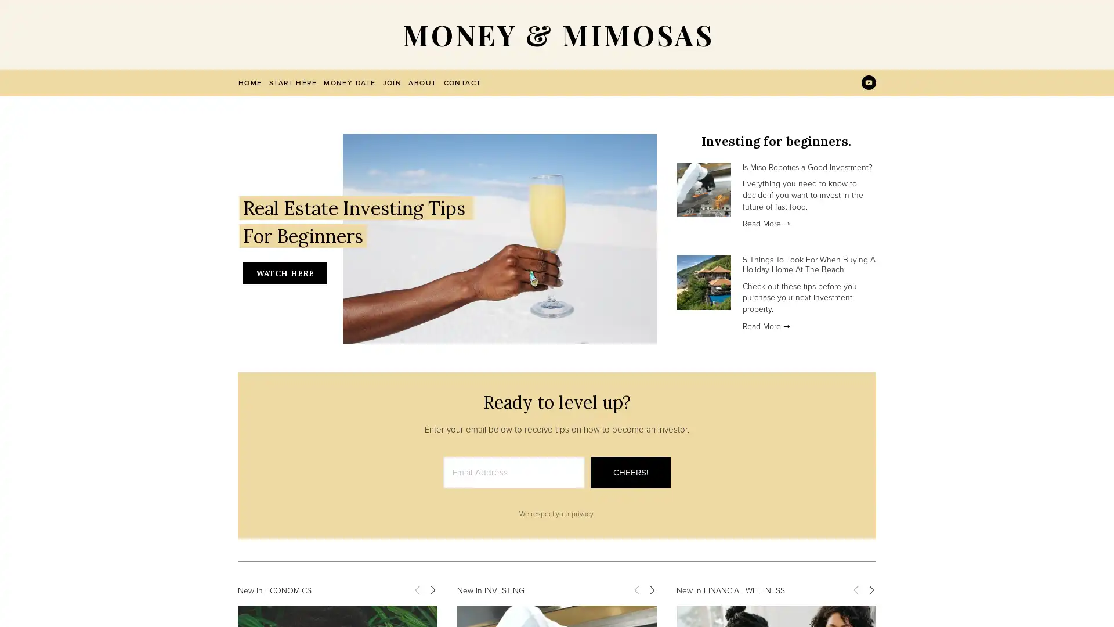 The width and height of the screenshot is (1114, 627). Describe the element at coordinates (855, 589) in the screenshot. I see `Previous` at that location.